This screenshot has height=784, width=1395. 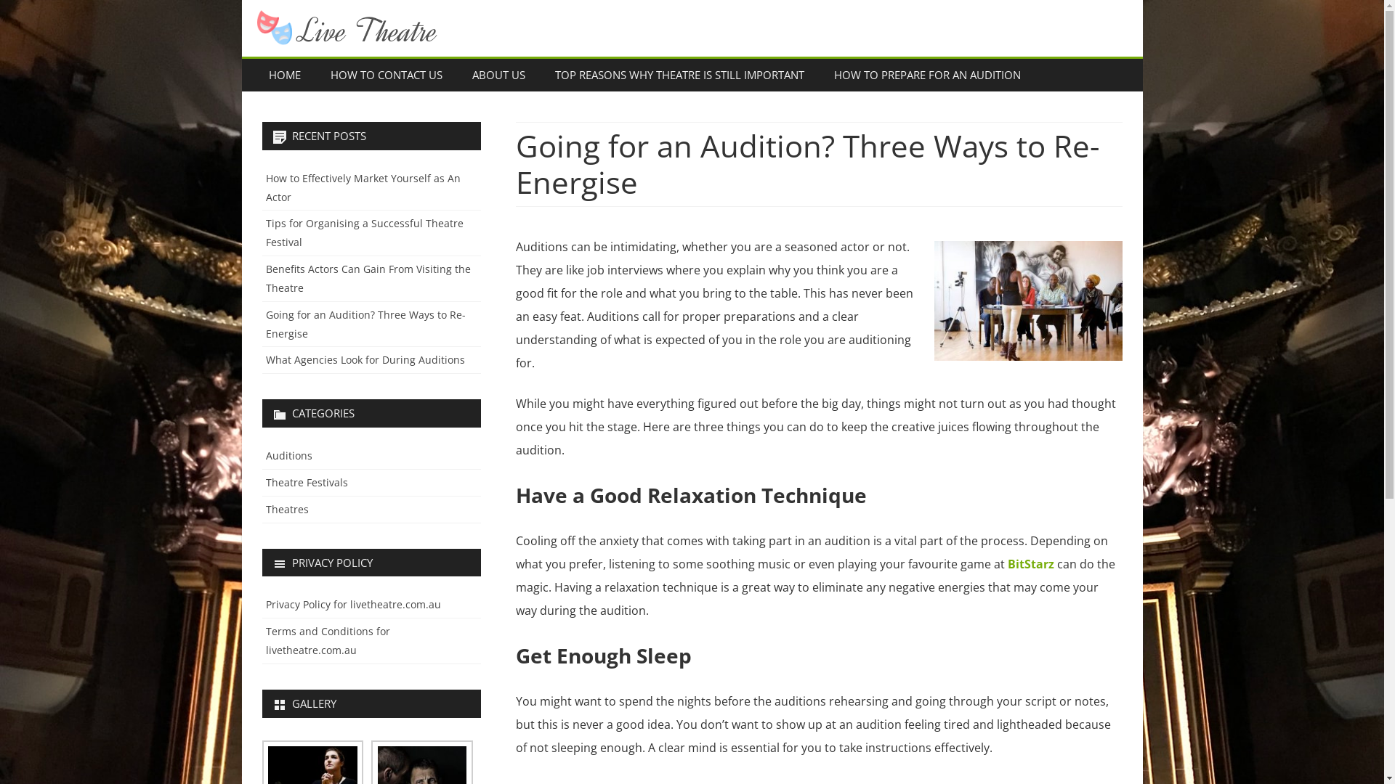 I want to click on 'HOW TO PREPARE FOR AN AUDITION', so click(x=926, y=75).